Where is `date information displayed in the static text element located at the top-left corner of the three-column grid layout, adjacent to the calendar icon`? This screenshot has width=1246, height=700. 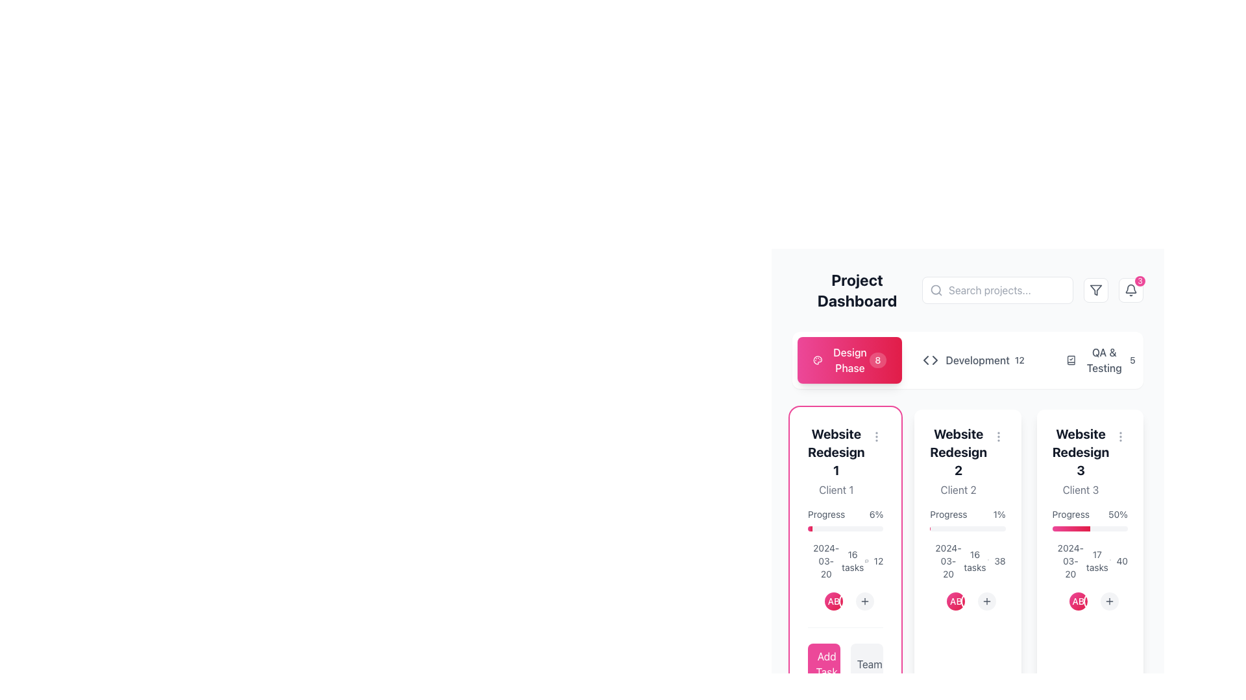
date information displayed in the static text element located at the top-left corner of the three-column grid layout, adjacent to the calendar icon is located at coordinates (1061, 561).